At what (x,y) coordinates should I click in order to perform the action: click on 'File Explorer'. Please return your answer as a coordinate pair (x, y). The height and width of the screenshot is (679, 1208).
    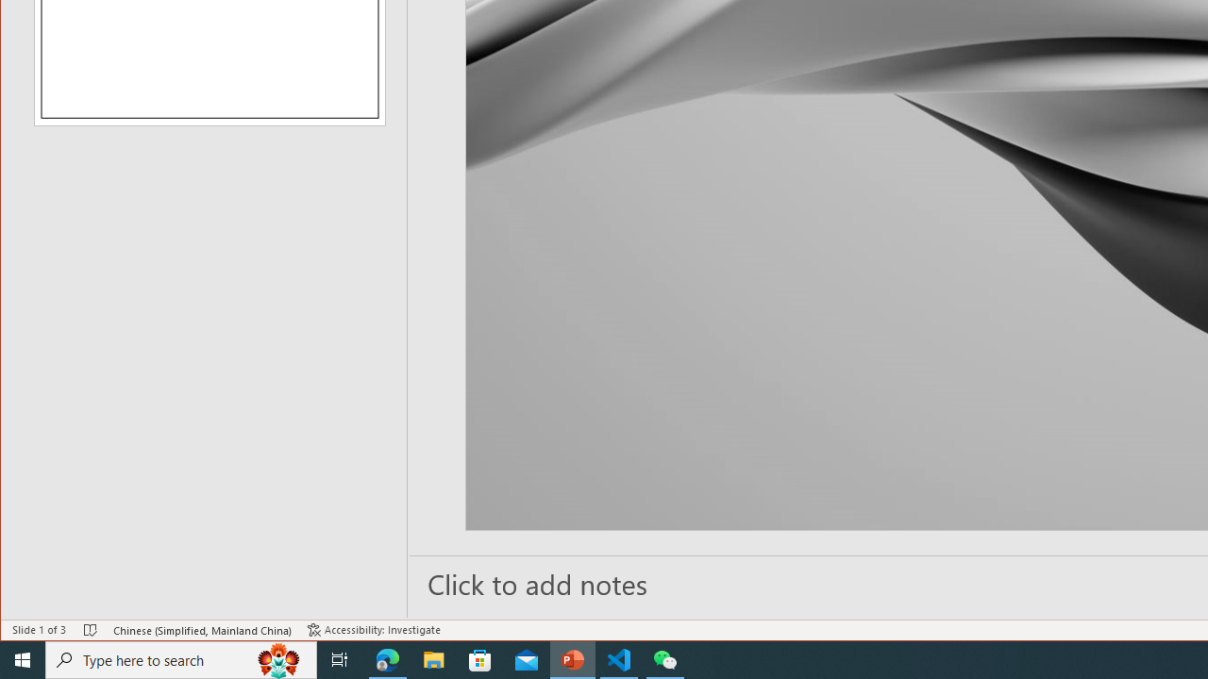
    Looking at the image, I should click on (433, 658).